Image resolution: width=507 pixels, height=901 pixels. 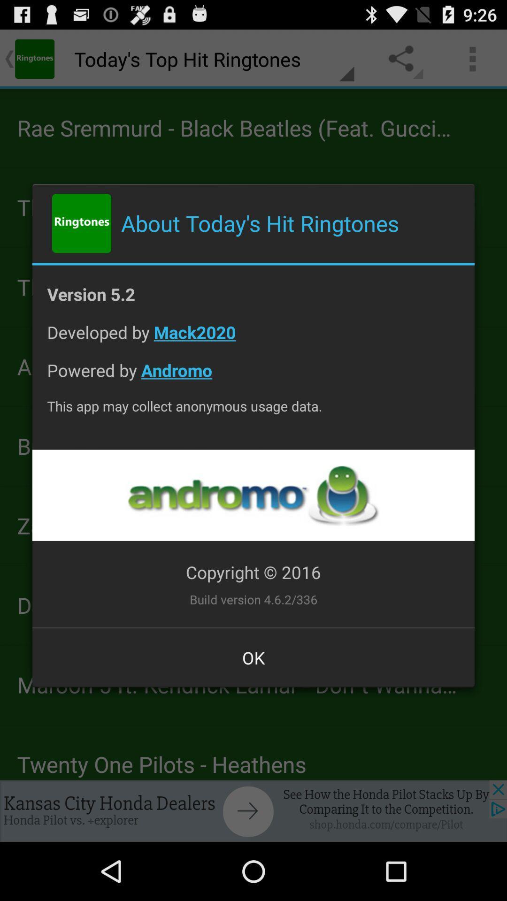 I want to click on icon below the version 5.2 app, so click(x=253, y=339).